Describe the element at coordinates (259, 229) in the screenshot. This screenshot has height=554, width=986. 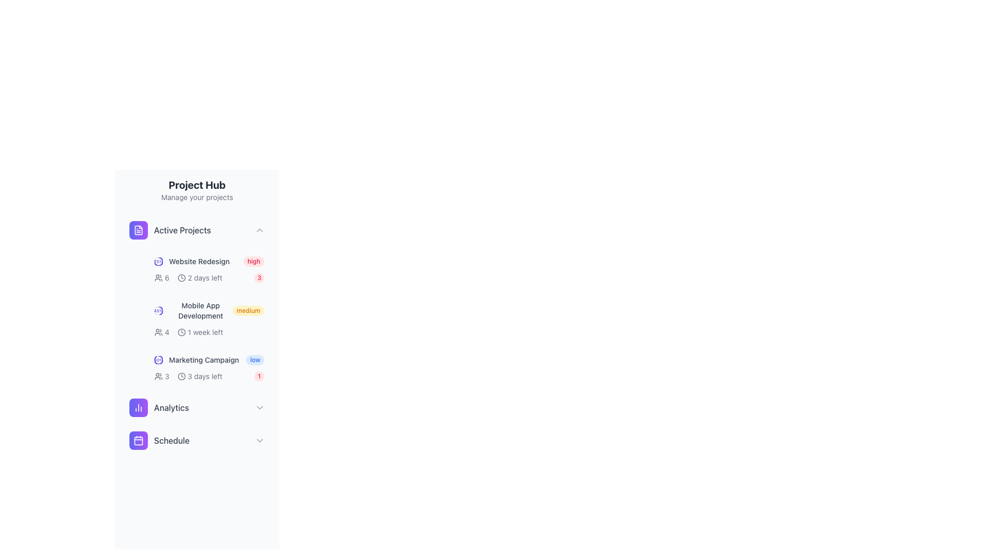
I see `the chevron icon in the 'Active Projects' section to provide visual feedback` at that location.